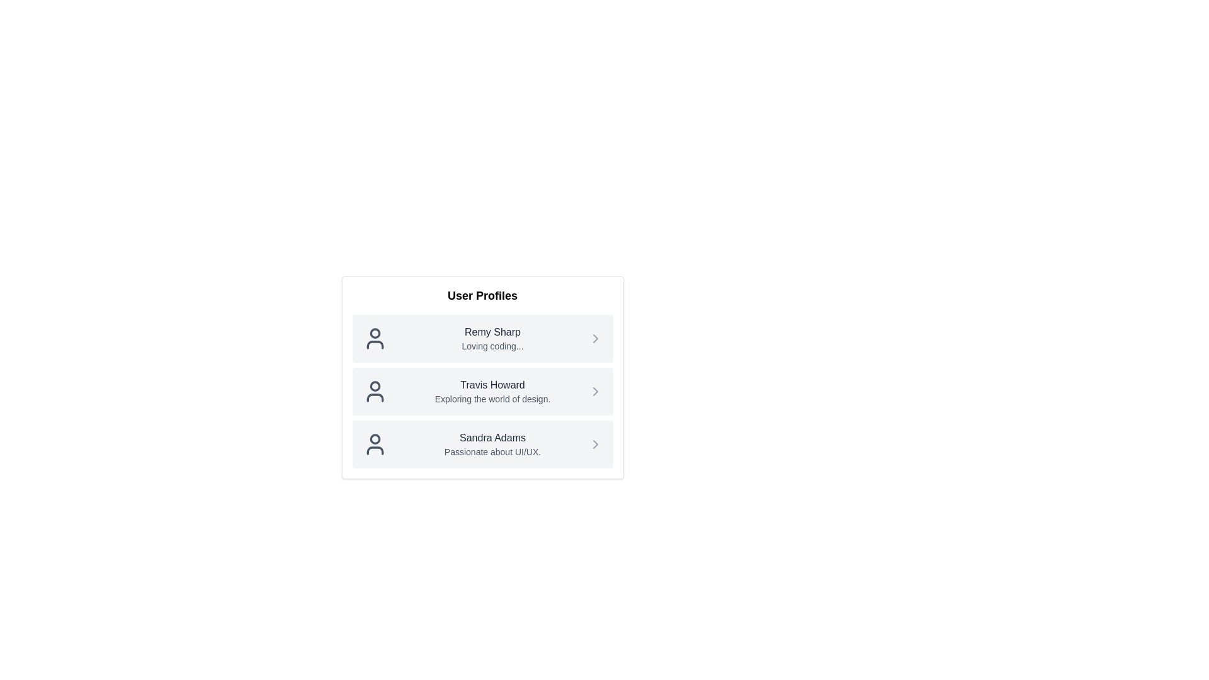  Describe the element at coordinates (374, 390) in the screenshot. I see `the user profile icon located adjacent to the text 'Travis Howard' and above the description 'Exploring the world of design.'` at that location.